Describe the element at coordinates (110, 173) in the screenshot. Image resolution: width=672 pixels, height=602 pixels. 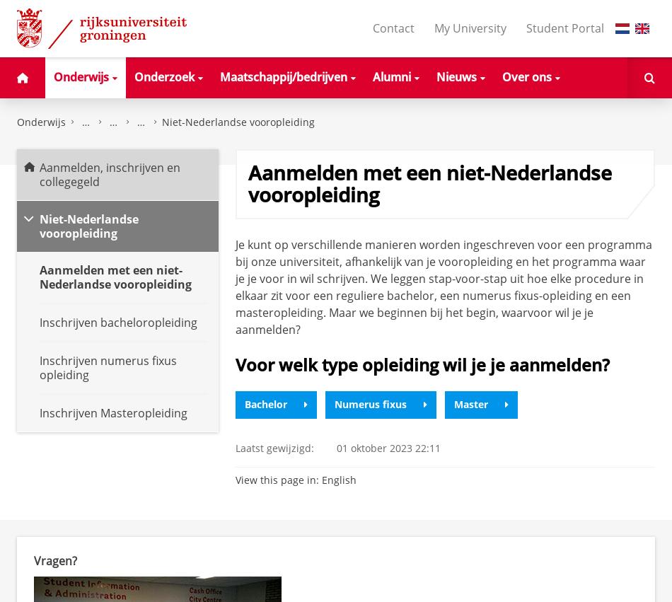
I see `'Aanmelden, inschrijven en collegegeld'` at that location.